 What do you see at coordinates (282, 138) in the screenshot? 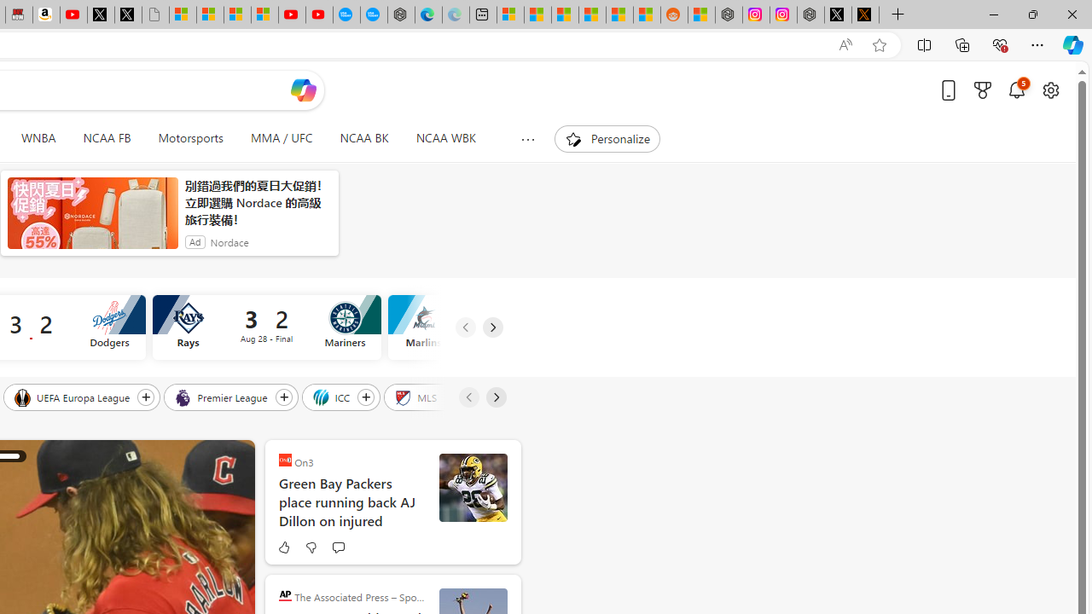
I see `'MMA / UFC'` at bounding box center [282, 138].